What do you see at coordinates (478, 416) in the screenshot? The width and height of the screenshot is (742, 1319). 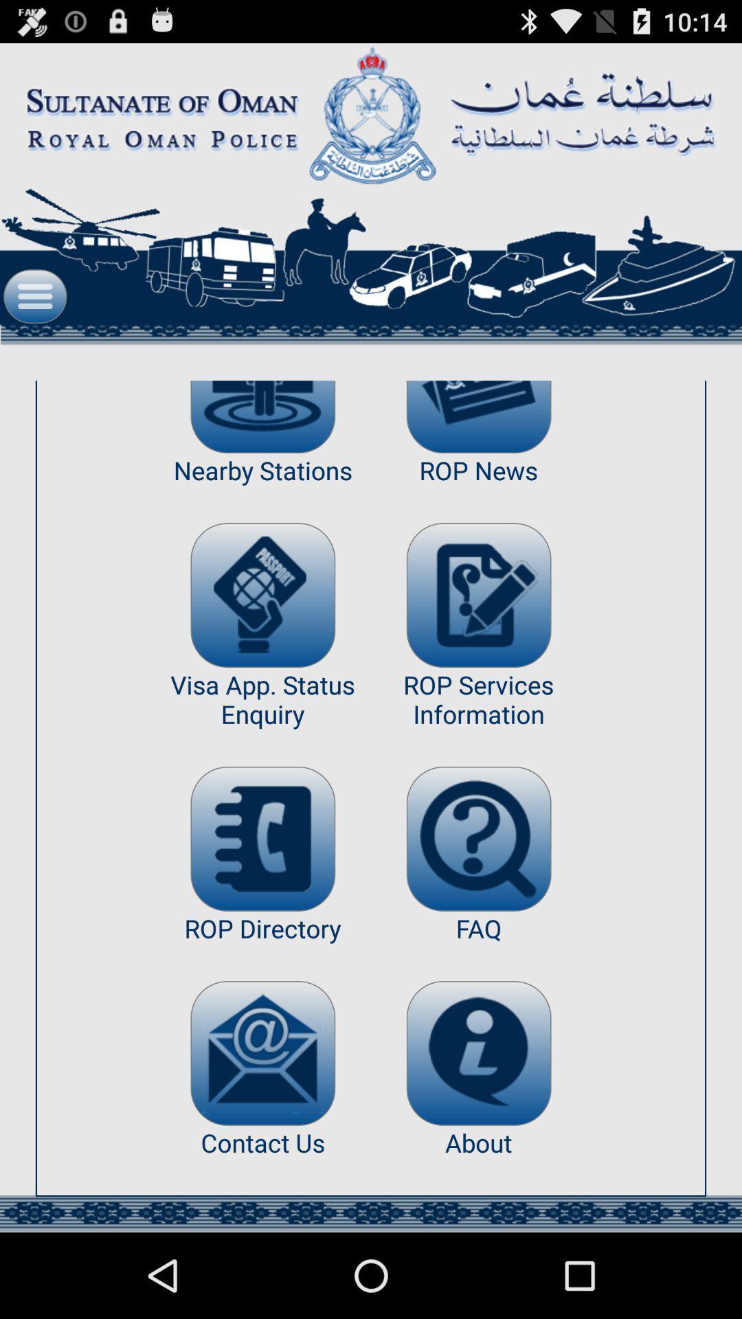 I see `open latest news categorized as rop` at bounding box center [478, 416].